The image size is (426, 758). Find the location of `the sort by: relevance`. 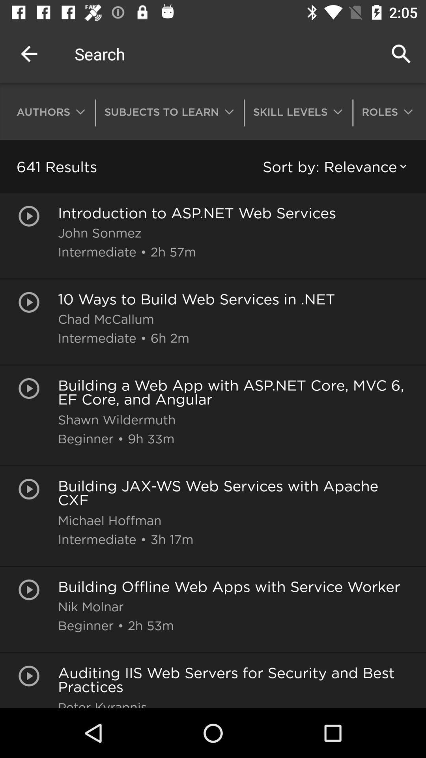

the sort by: relevance is located at coordinates (336, 166).